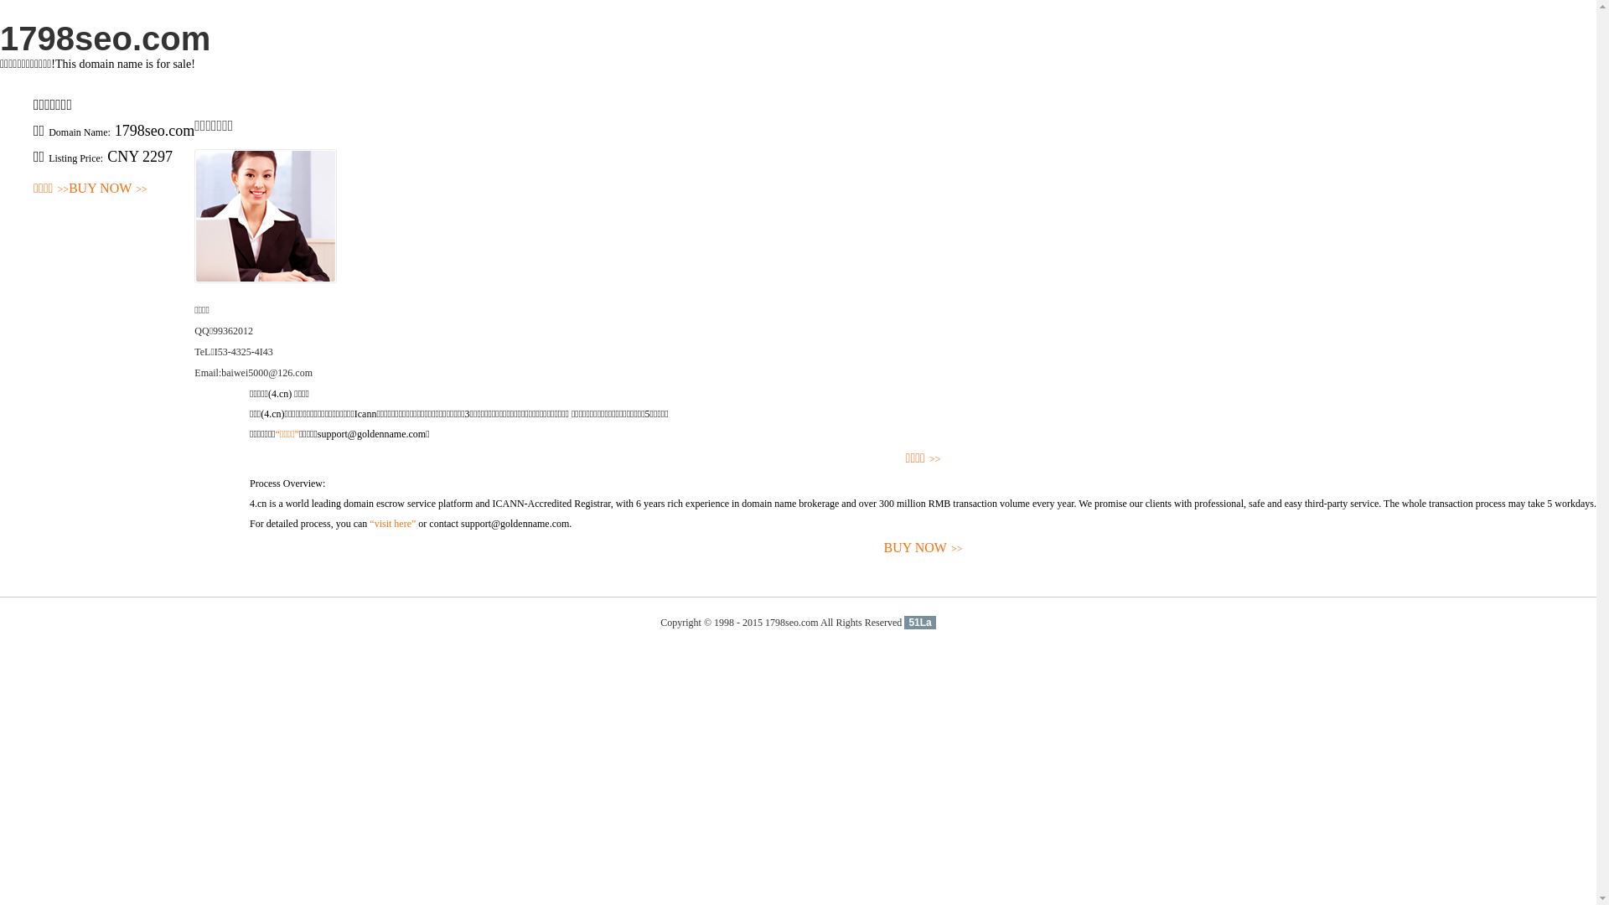 Image resolution: width=1609 pixels, height=905 pixels. What do you see at coordinates (918, 623) in the screenshot?
I see `'51La'` at bounding box center [918, 623].